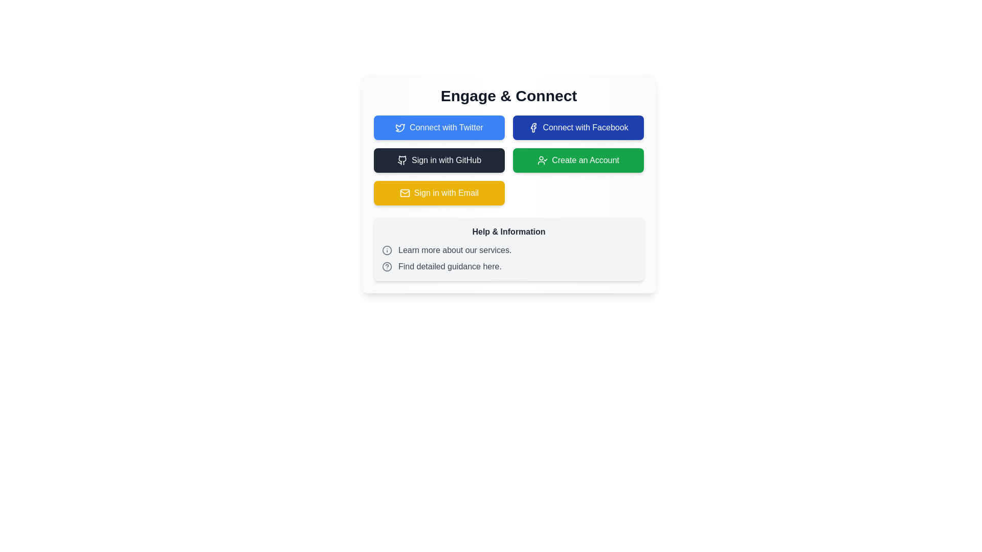 This screenshot has height=552, width=982. I want to click on the help icon located to the left of the text 'Find detailed guidance here.' in the 'Help & Information' section at the lower part of the interface, so click(387, 266).